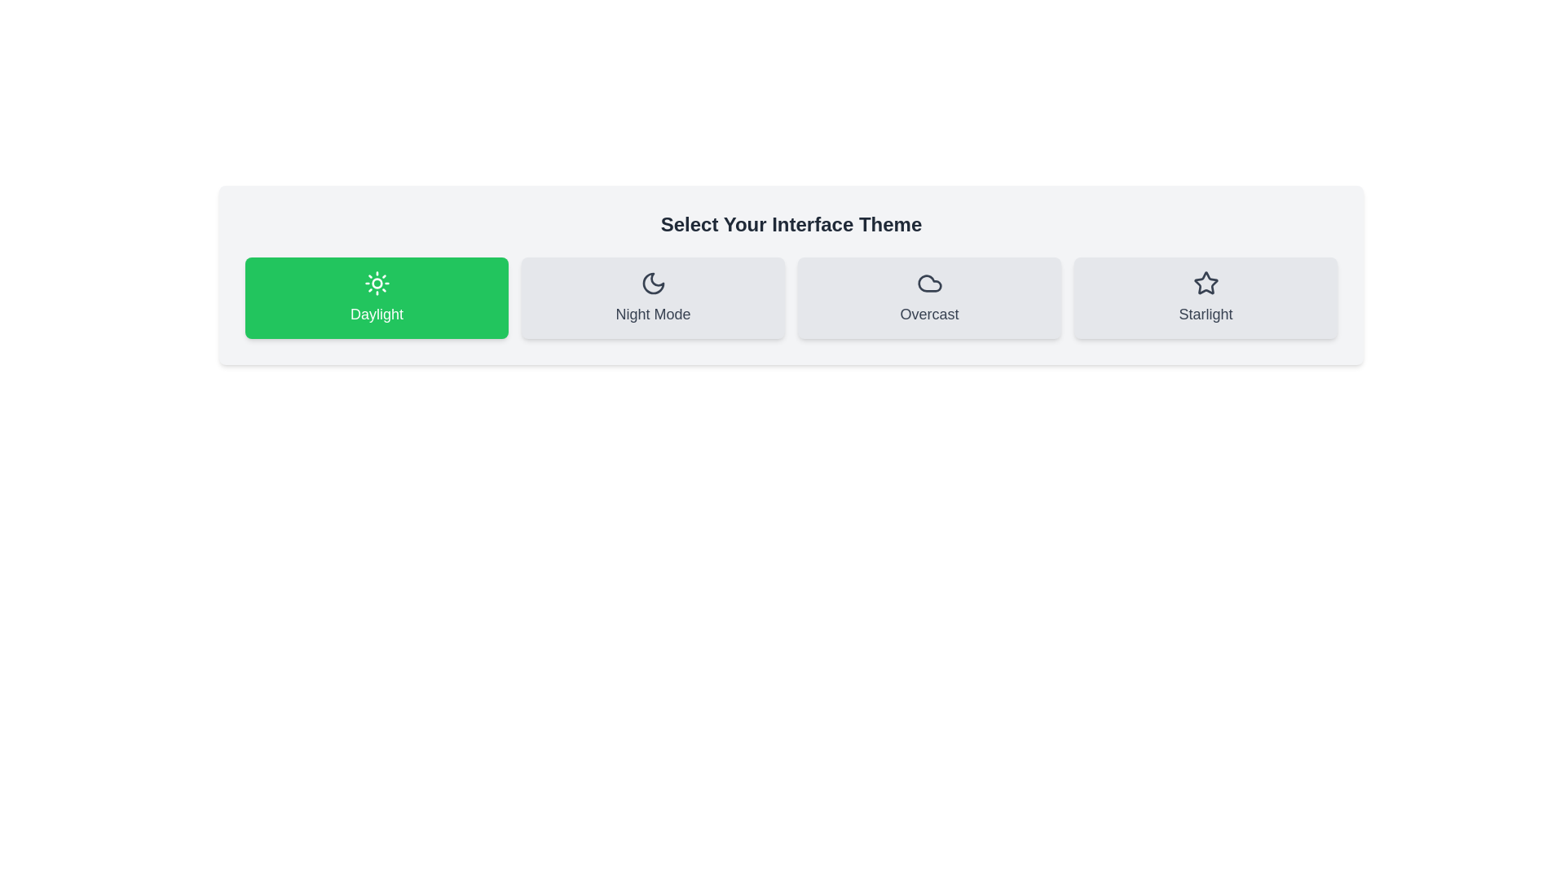 The height and width of the screenshot is (880, 1565). Describe the element at coordinates (791, 225) in the screenshot. I see `the text 'Select Your Interface Theme'` at that location.